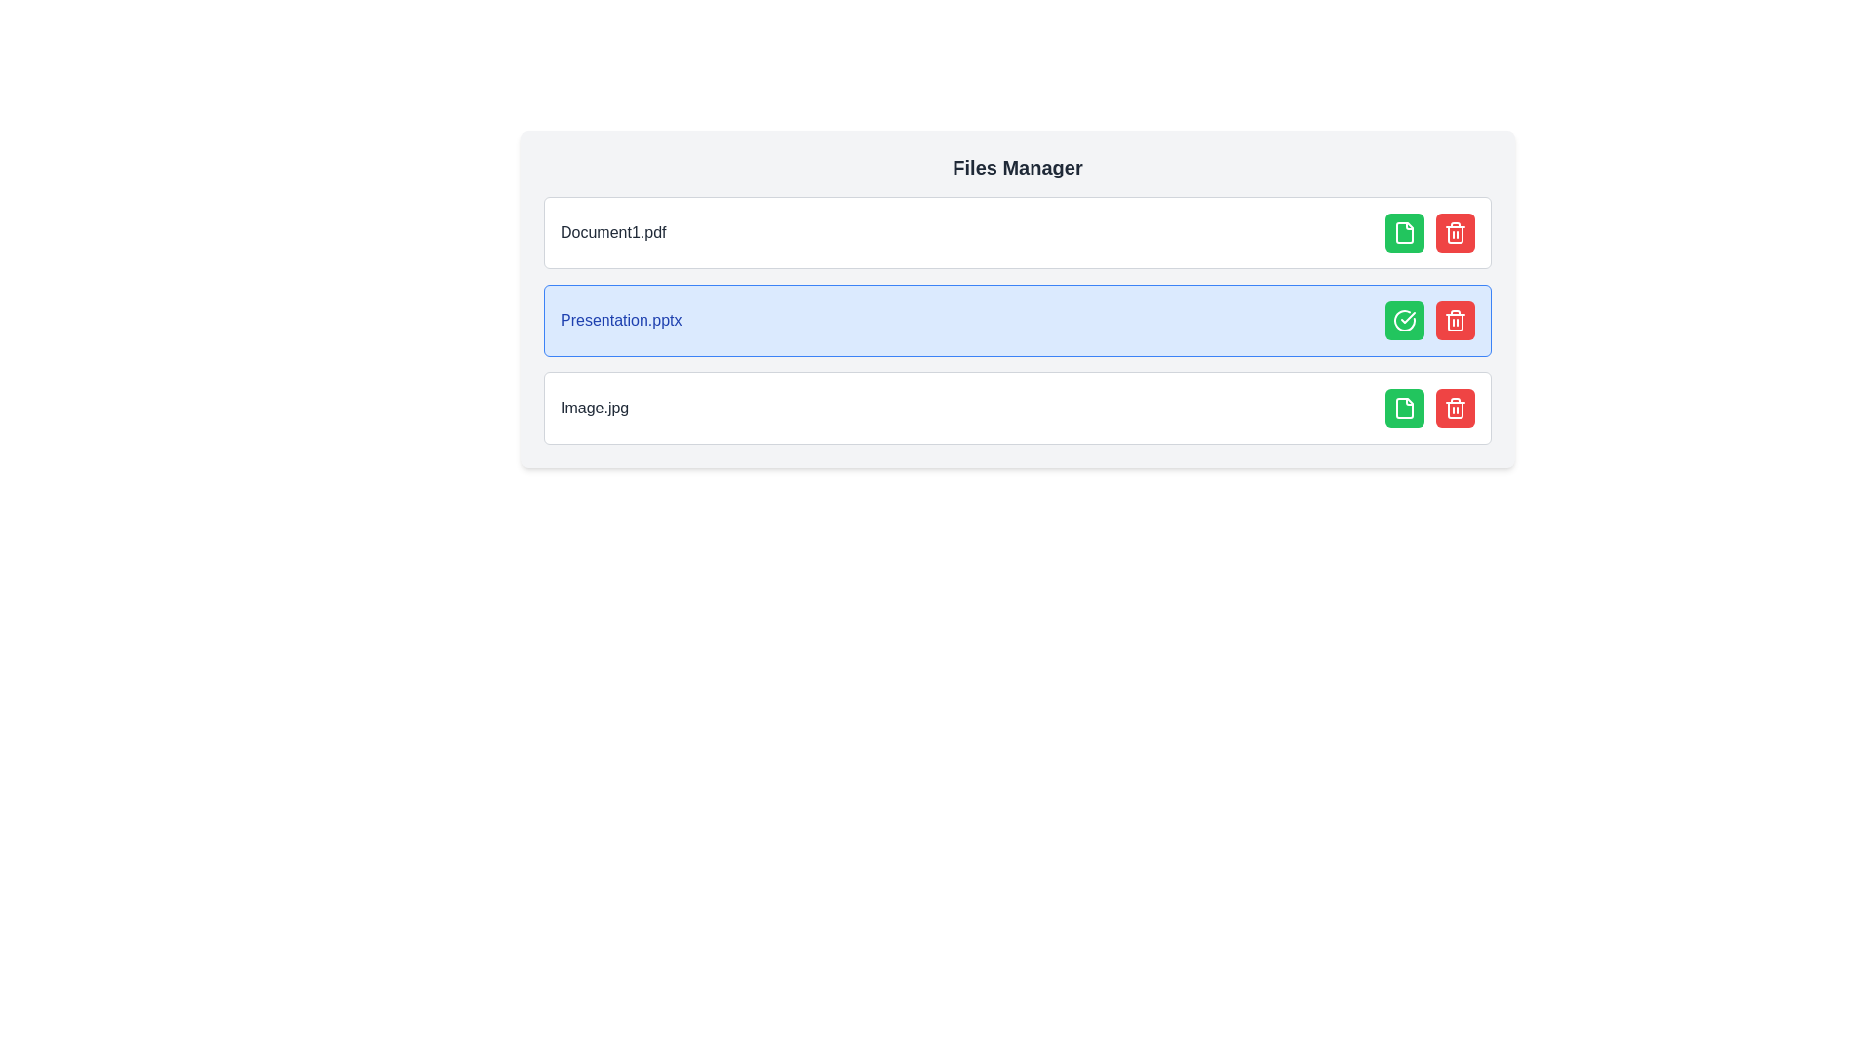 This screenshot has height=1053, width=1872. Describe the element at coordinates (1455, 322) in the screenshot. I see `the trash can icon's body component, which is a vertical rectangle, located at the top-right corner of the file row for 'Presentation.pptx'` at that location.